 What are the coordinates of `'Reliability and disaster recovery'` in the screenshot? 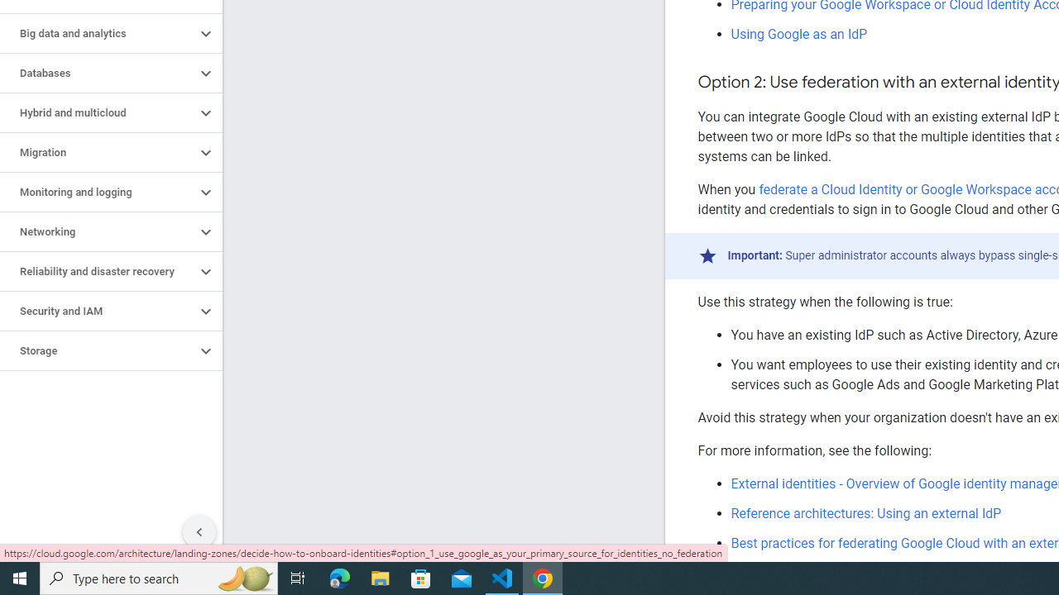 It's located at (97, 271).